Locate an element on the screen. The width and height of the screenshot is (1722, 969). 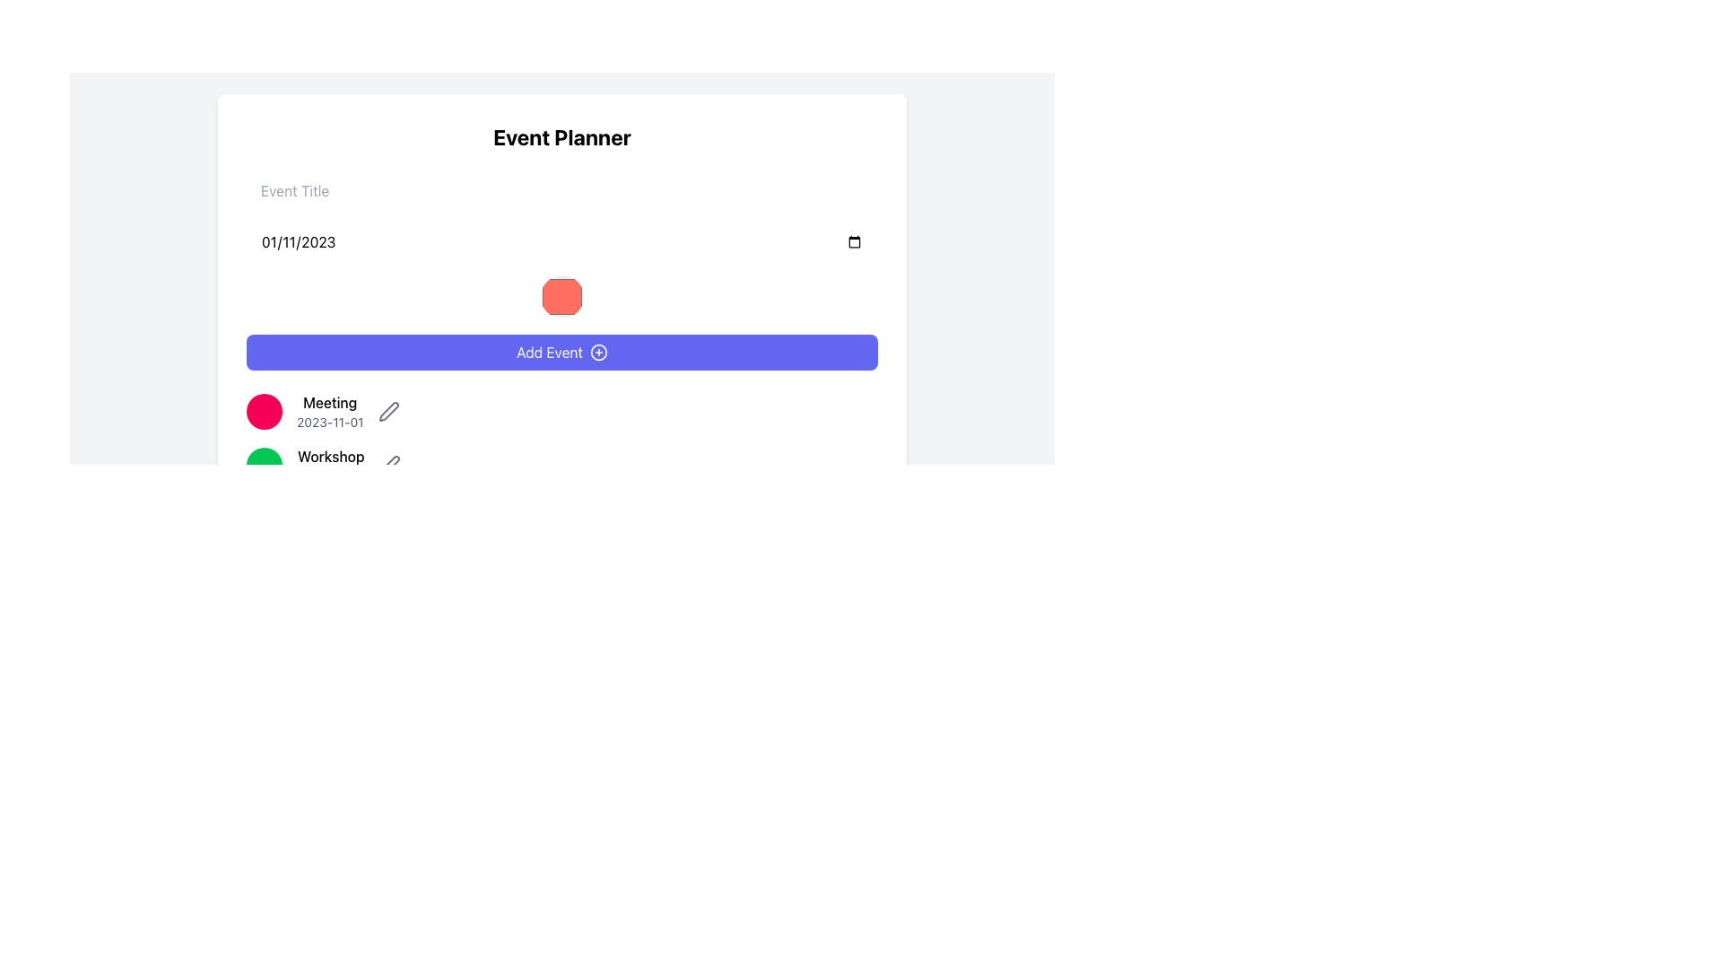
the circular graphical decoration of the 'Add Event' button located in the footer section of the event panel is located at coordinates (598, 353).